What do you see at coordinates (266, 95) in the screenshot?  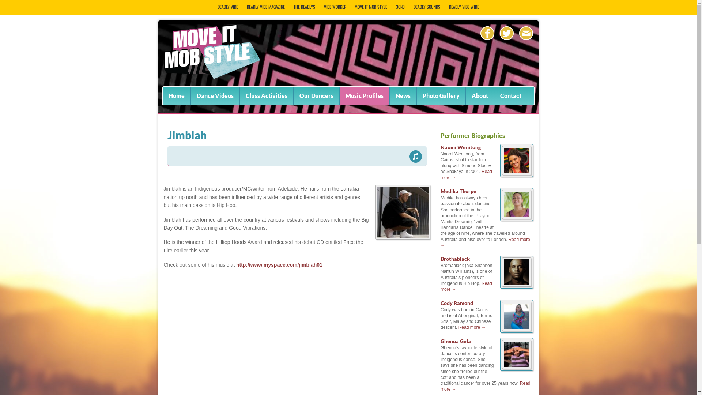 I see `'Class Activities'` at bounding box center [266, 95].